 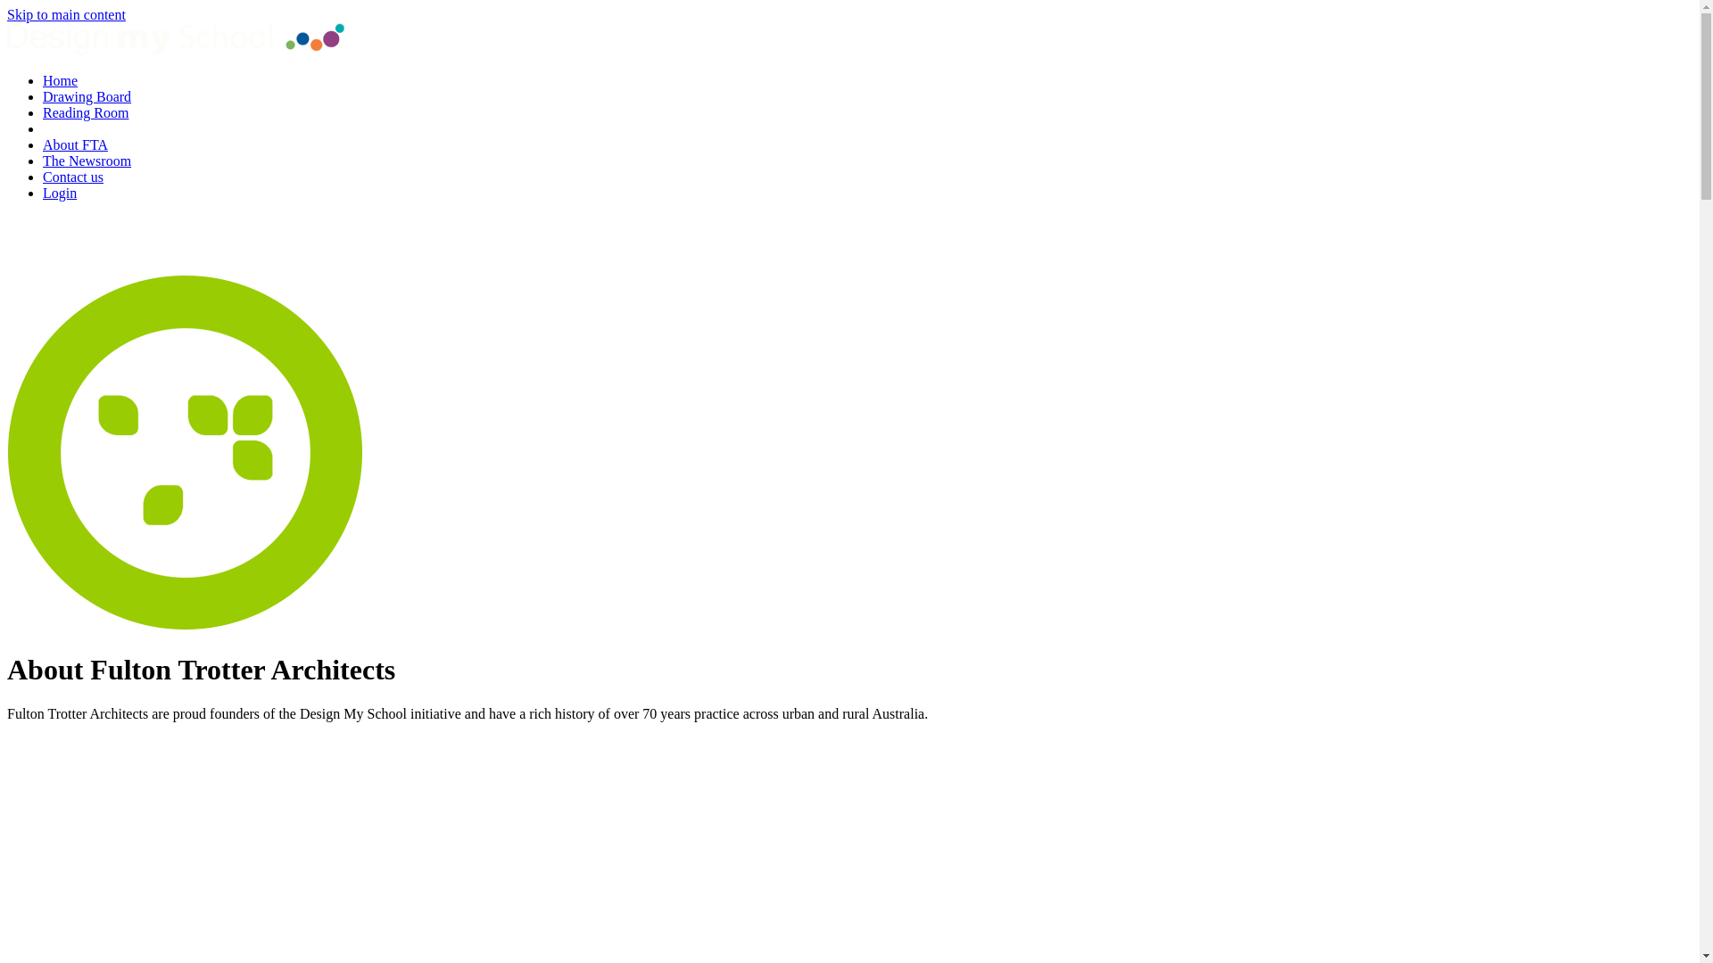 What do you see at coordinates (86, 96) in the screenshot?
I see `'Drawing Board'` at bounding box center [86, 96].